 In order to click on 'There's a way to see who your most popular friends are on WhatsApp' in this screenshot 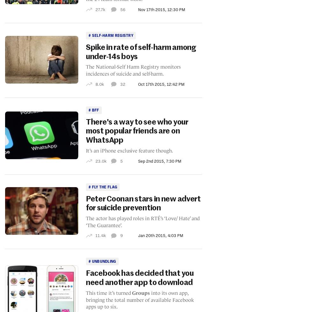, I will do `click(136, 131)`.